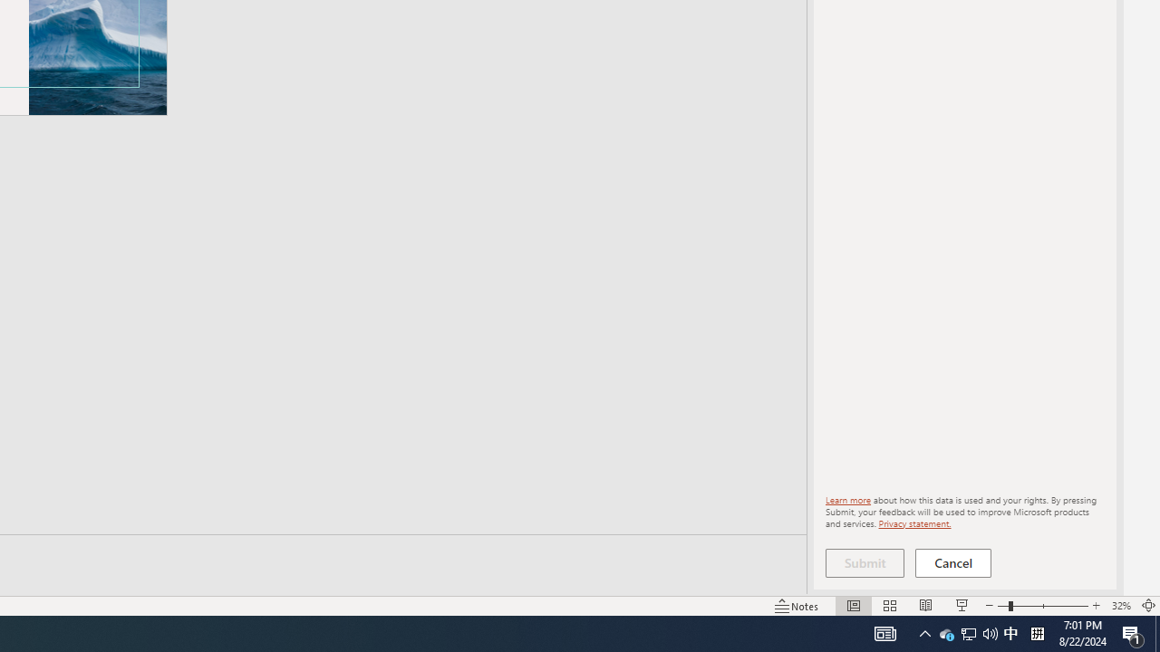 This screenshot has height=652, width=1160. Describe the element at coordinates (890, 606) in the screenshot. I see `'Slide Sorter'` at that location.